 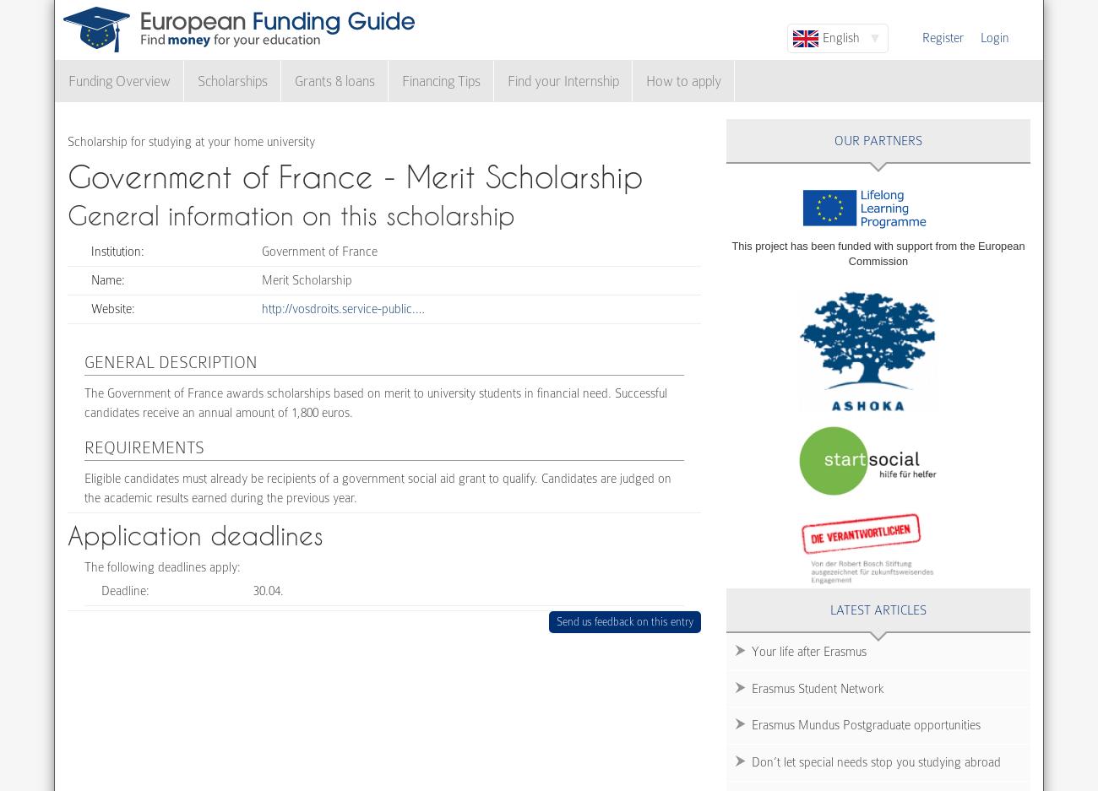 I want to click on 'Requirements', so click(x=144, y=447).